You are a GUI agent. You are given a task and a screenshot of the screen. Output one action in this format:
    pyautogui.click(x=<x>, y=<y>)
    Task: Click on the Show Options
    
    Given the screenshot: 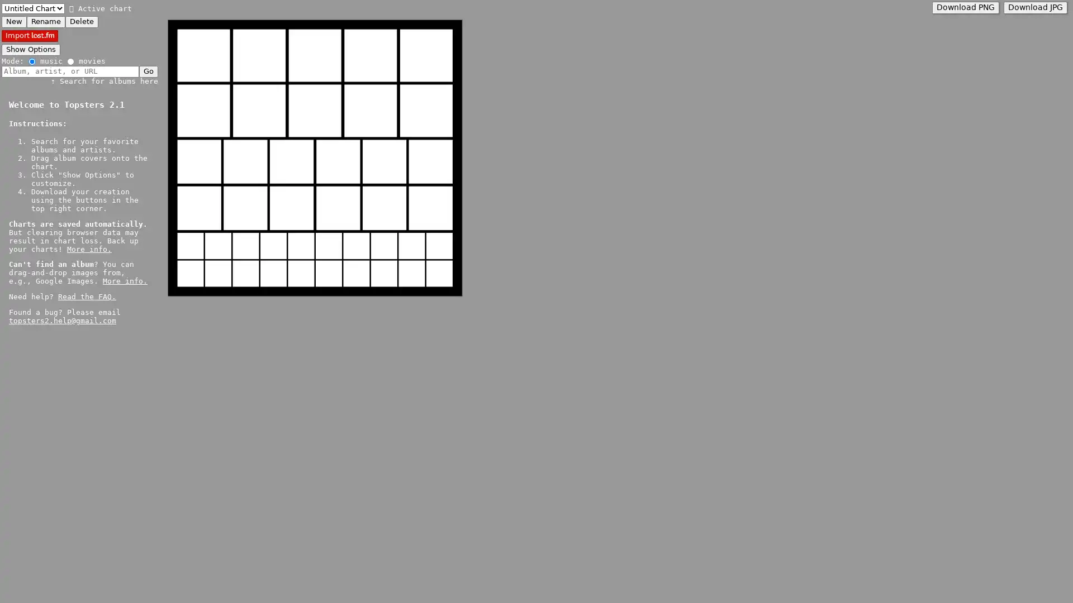 What is the action you would take?
    pyautogui.click(x=31, y=49)
    